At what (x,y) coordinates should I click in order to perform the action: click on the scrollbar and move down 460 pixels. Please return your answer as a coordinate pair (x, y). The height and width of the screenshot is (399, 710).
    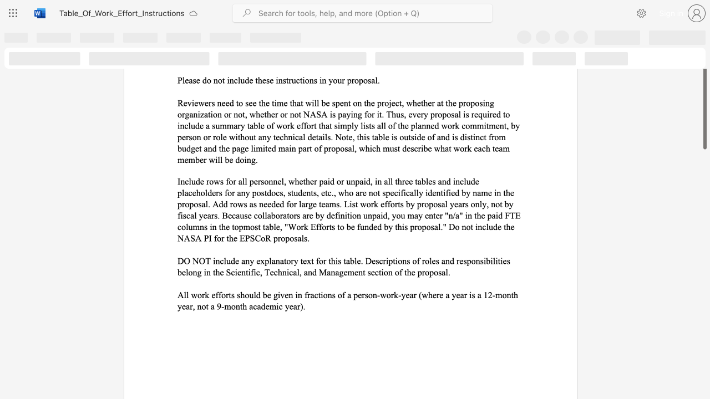
    Looking at the image, I should click on (704, 95).